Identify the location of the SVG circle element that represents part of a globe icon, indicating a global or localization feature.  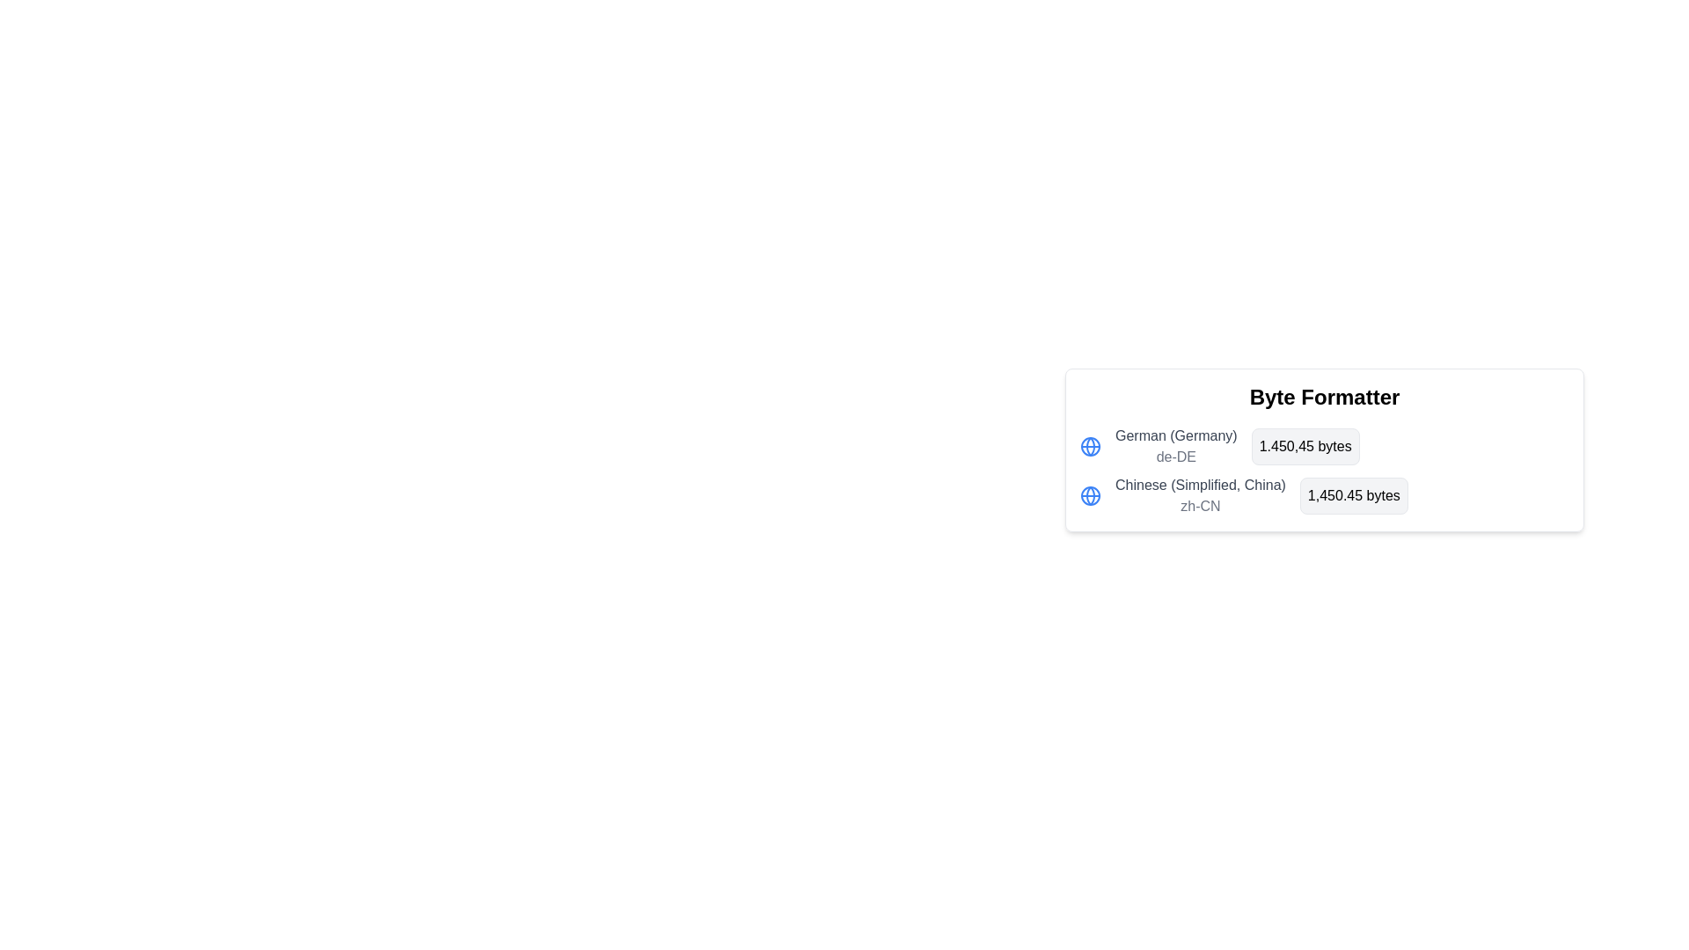
(1089, 446).